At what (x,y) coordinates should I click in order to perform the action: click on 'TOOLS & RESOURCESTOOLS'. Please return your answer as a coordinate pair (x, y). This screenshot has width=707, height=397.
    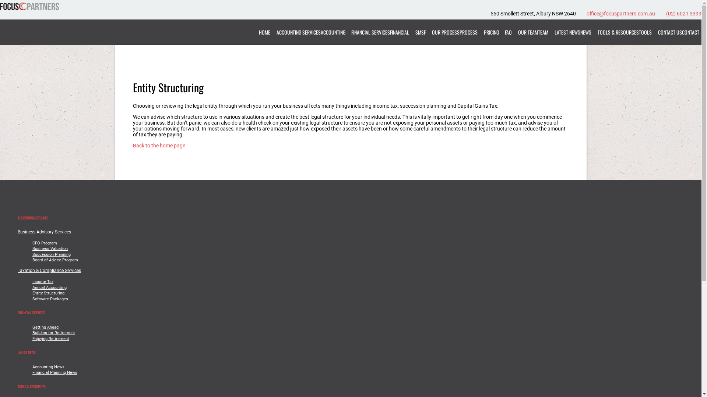
    Looking at the image, I should click on (595, 32).